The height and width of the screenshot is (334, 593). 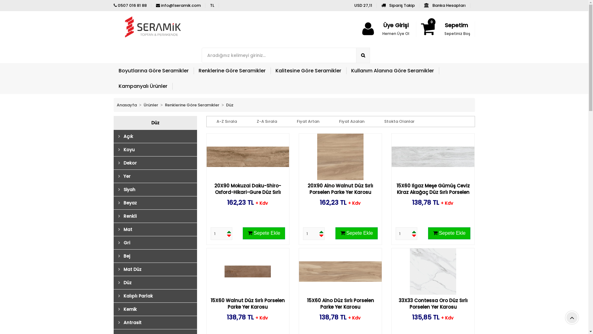 What do you see at coordinates (130, 5) in the screenshot?
I see `'0507 016 81 88'` at bounding box center [130, 5].